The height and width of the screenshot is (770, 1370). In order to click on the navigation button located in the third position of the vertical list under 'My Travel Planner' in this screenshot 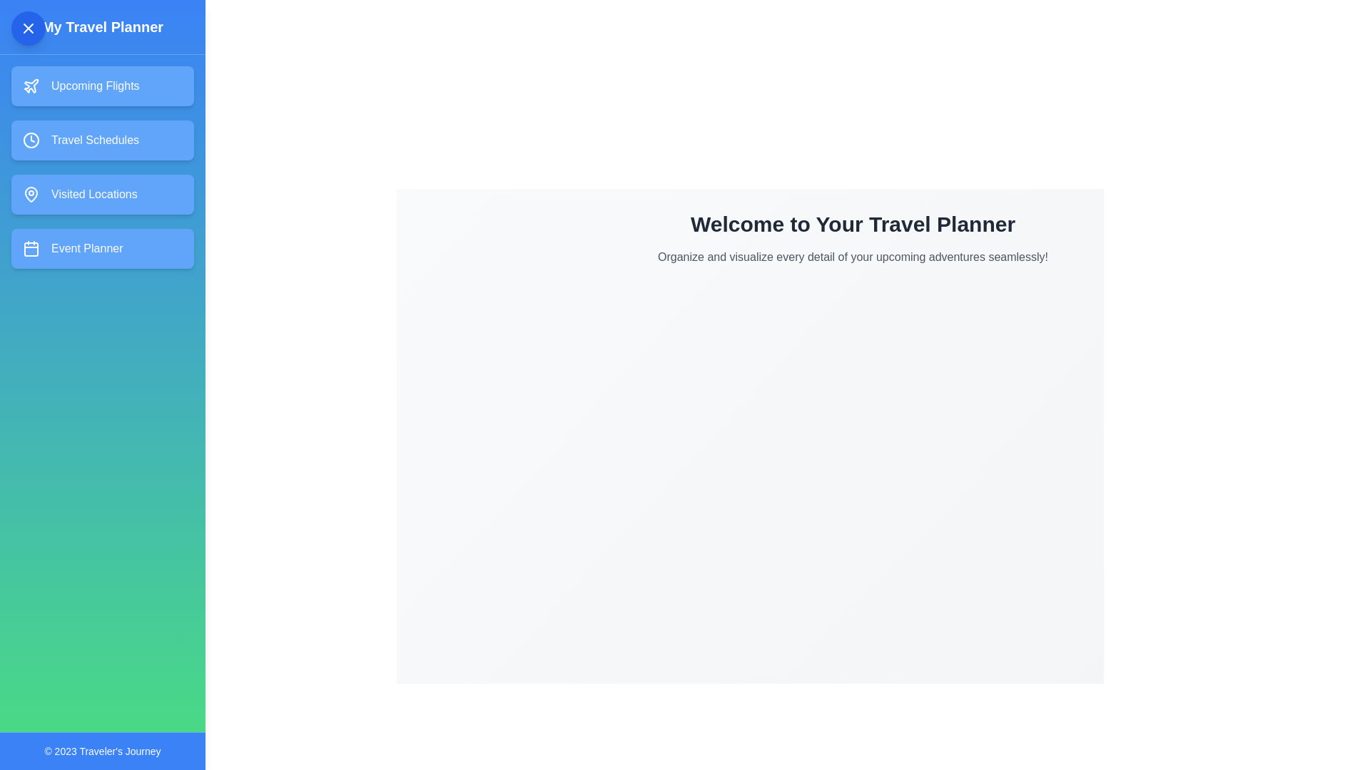, I will do `click(102, 195)`.